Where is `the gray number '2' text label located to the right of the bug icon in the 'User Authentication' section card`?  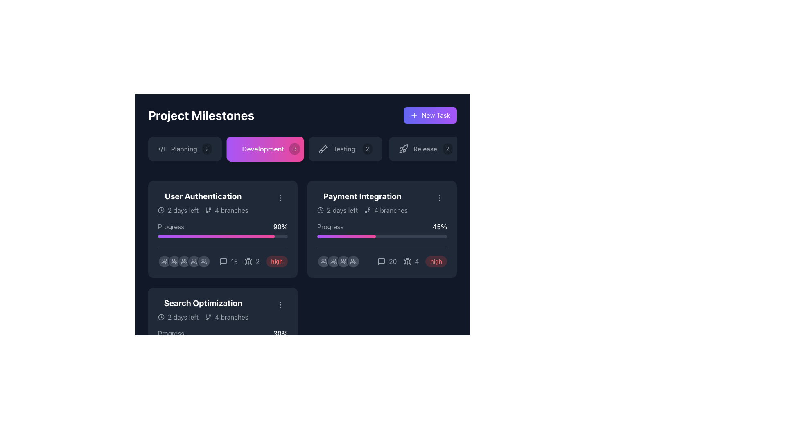
the gray number '2' text label located to the right of the bug icon in the 'User Authentication' section card is located at coordinates (251, 262).